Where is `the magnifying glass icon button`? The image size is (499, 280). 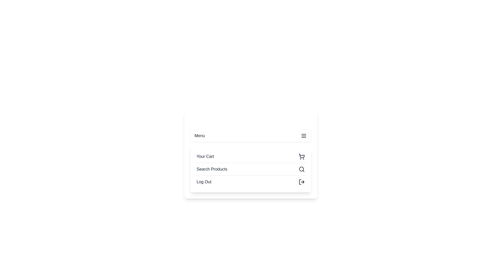 the magnifying glass icon button is located at coordinates (301, 169).